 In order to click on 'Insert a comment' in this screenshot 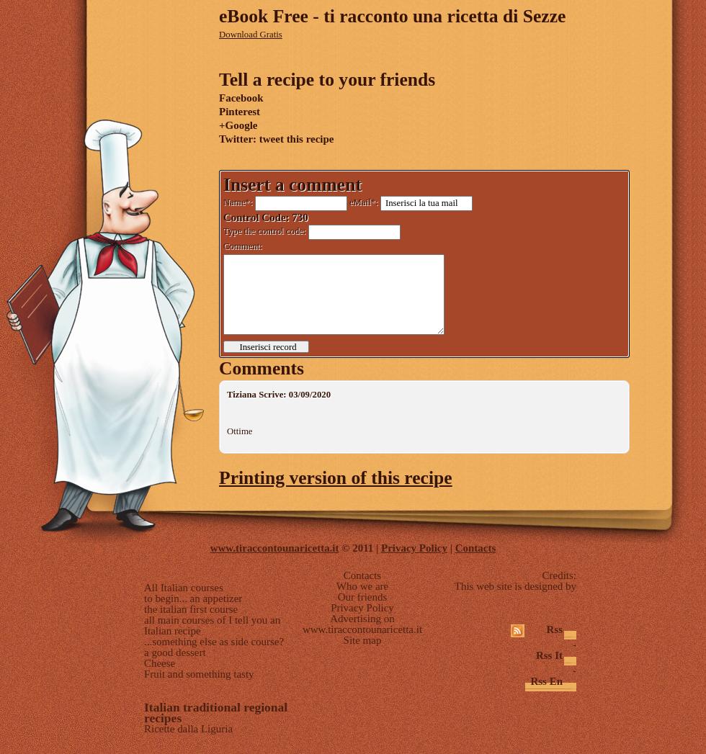, I will do `click(223, 184)`.